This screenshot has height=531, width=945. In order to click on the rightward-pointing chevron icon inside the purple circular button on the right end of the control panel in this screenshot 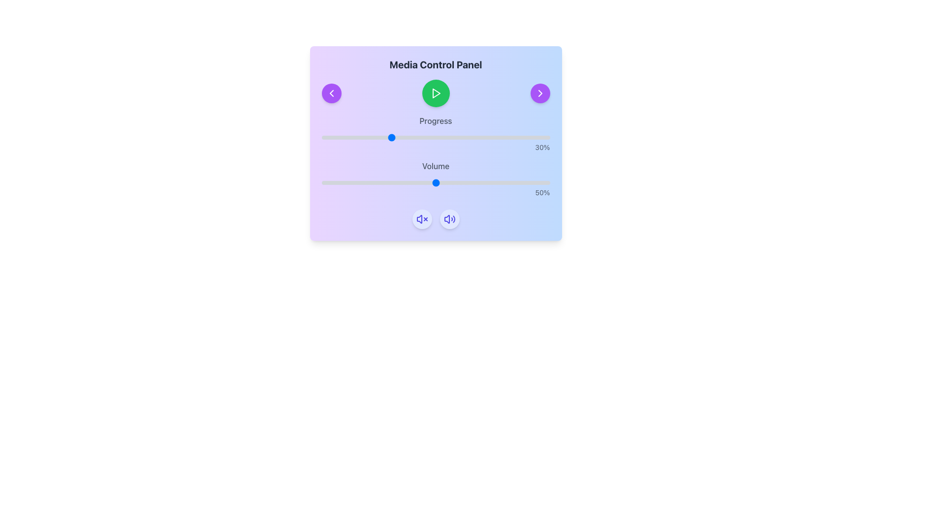, I will do `click(539, 93)`.